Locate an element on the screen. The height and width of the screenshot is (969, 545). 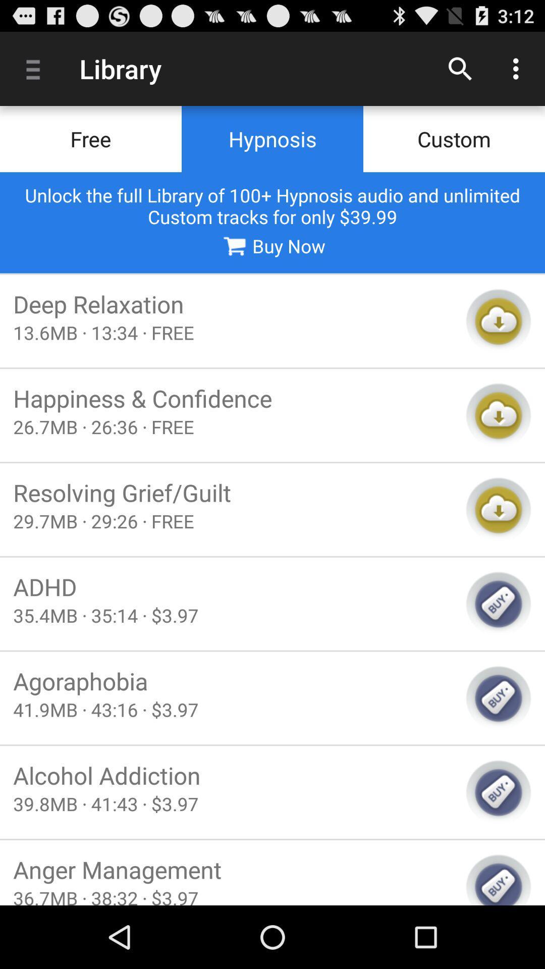
the adhd item is located at coordinates (233, 586).